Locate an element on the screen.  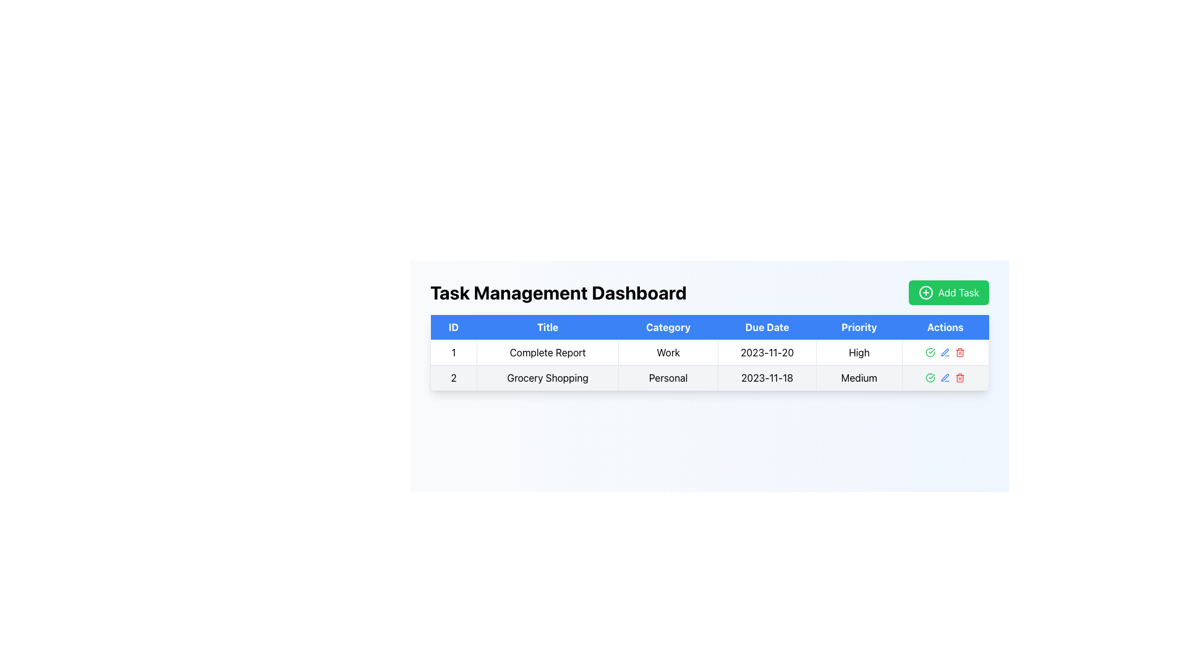
the 'Title' column header in the table, which is the second header from the left, located between 'ID' and 'Category' is located at coordinates (547, 327).